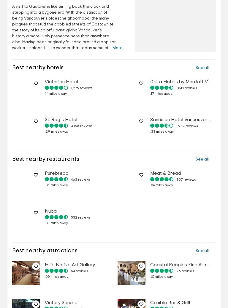 Image resolution: width=239 pixels, height=308 pixels. I want to click on 'the story of its colorful past, giving Vancouver's', so click(56, 30).